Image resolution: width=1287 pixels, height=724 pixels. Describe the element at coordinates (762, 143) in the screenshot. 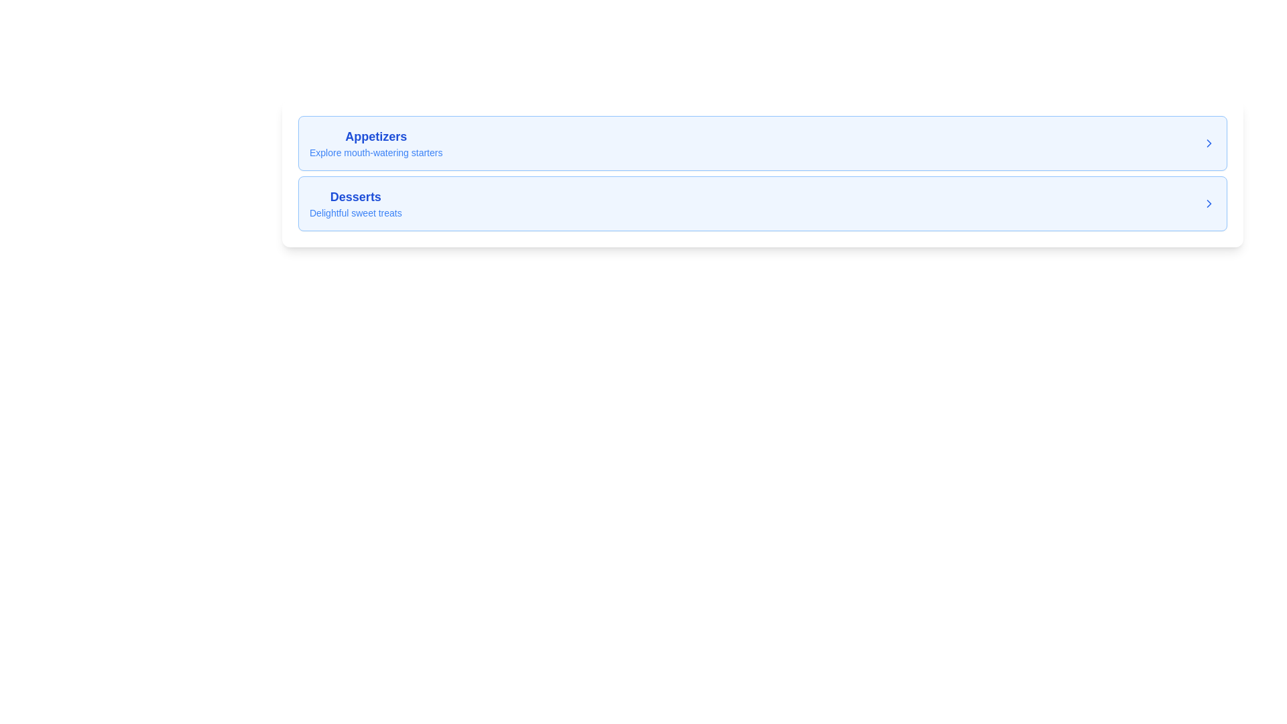

I see `the first button-like interactive section for appetizers` at that location.